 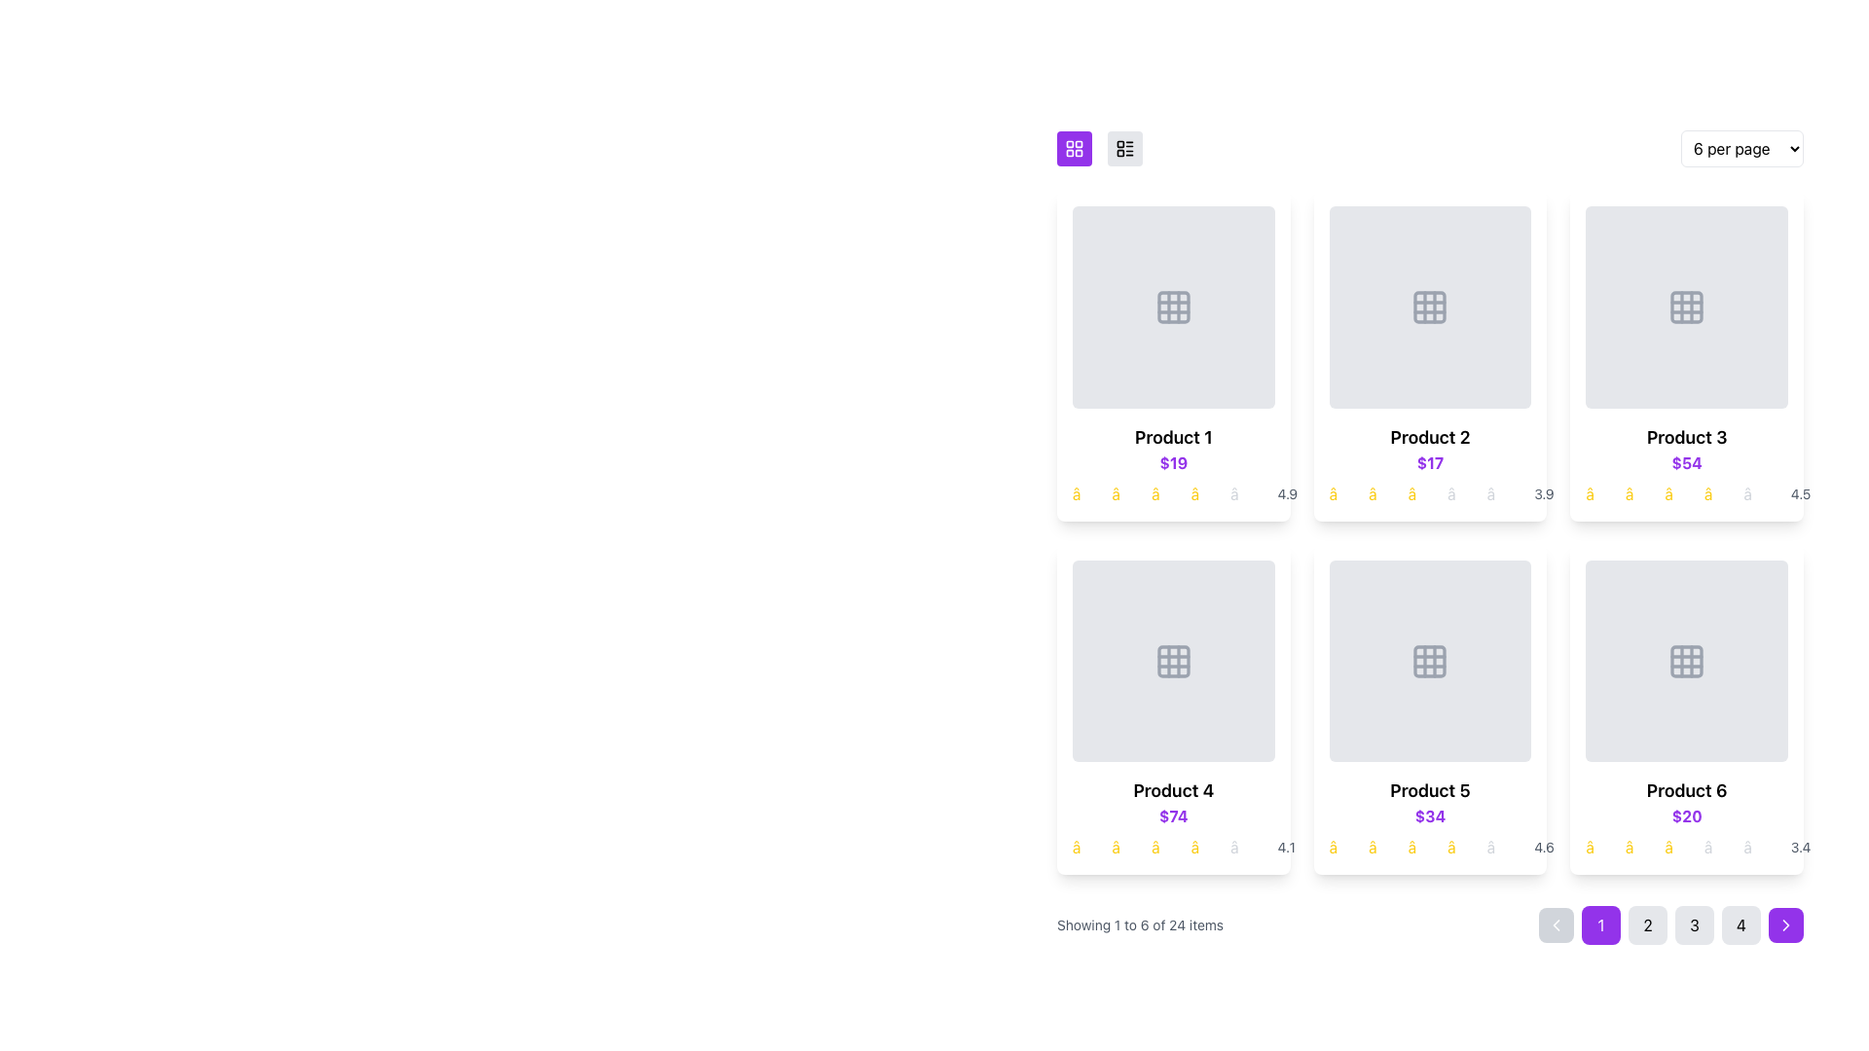 What do you see at coordinates (1467, 492) in the screenshot?
I see `the fourth outlined star icon in the rating system for 'Product 2'` at bounding box center [1467, 492].